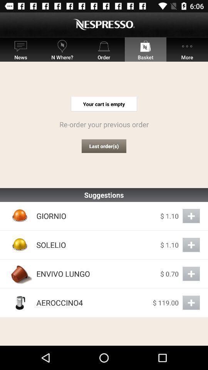  What do you see at coordinates (191, 244) in the screenshot?
I see `this to basket` at bounding box center [191, 244].